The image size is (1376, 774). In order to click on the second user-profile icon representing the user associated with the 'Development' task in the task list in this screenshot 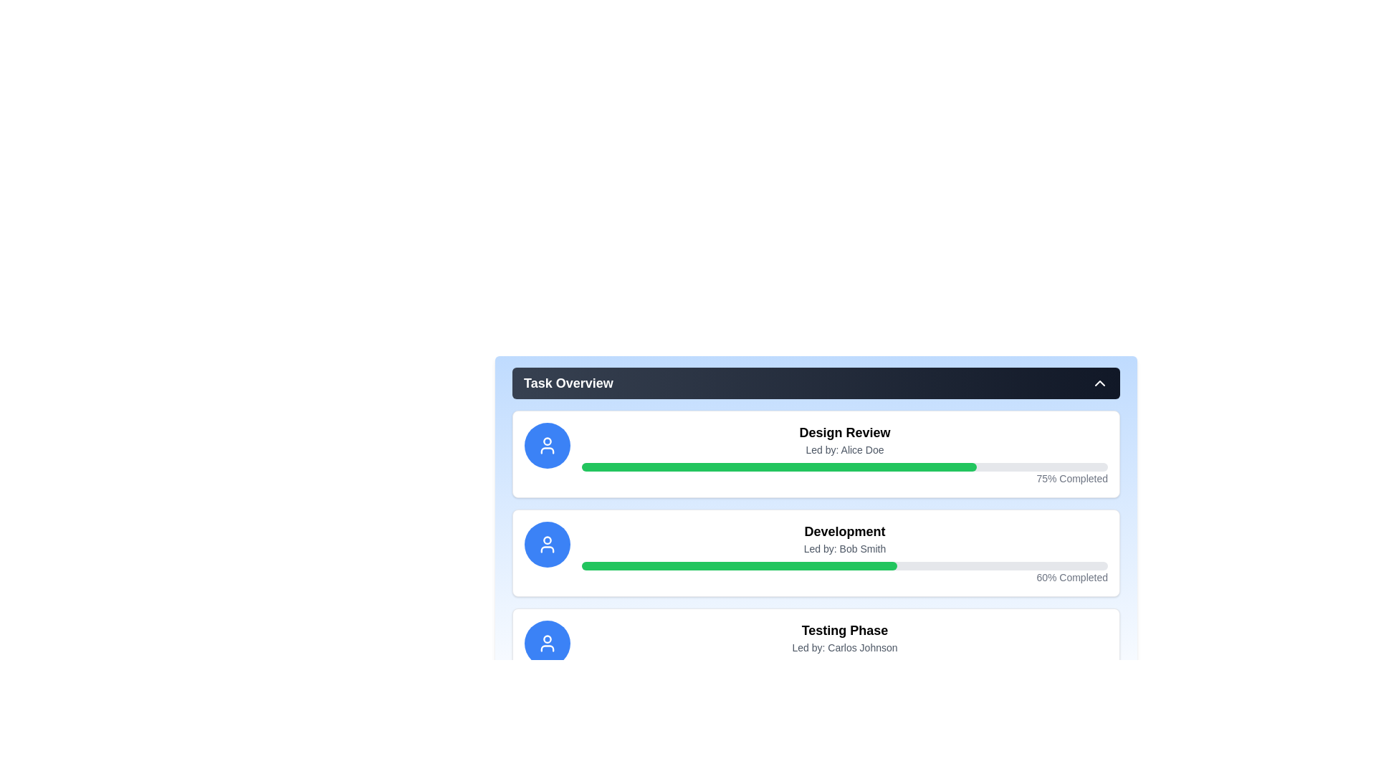, I will do `click(546, 540)`.